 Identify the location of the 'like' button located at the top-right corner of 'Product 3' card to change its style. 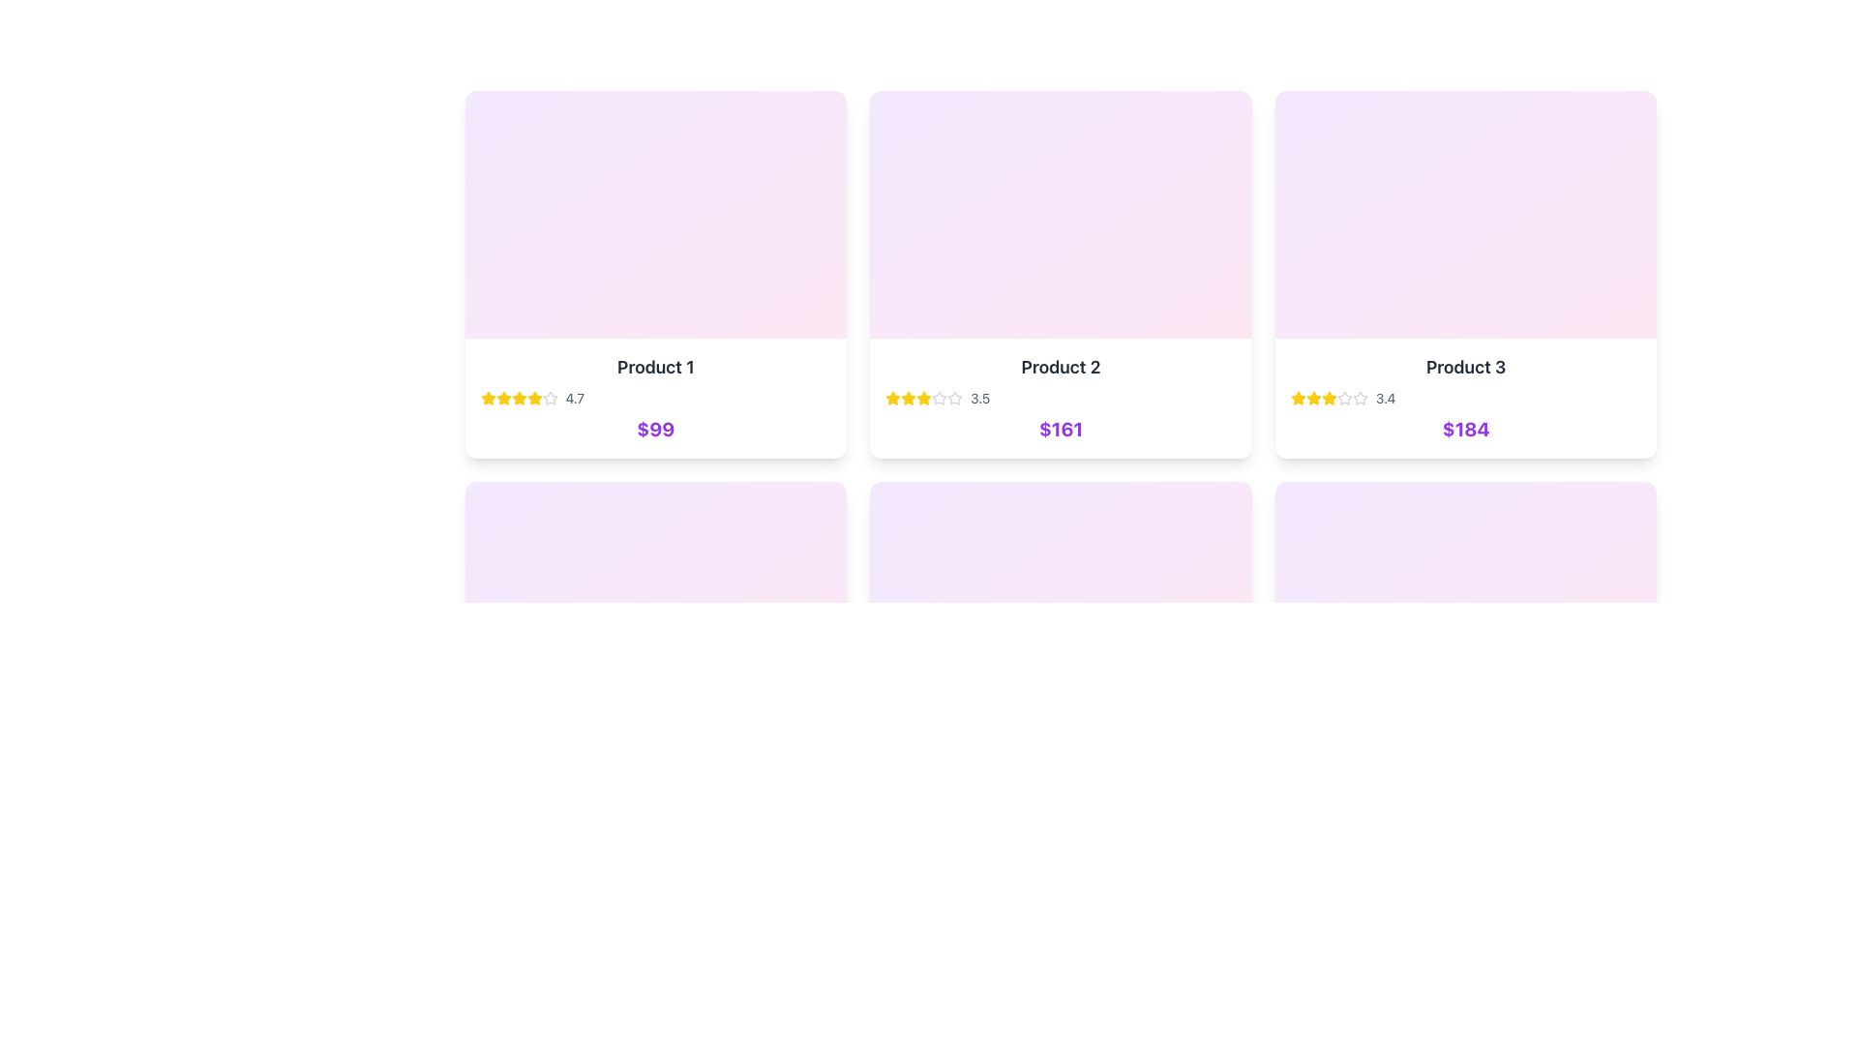
(1179, 510).